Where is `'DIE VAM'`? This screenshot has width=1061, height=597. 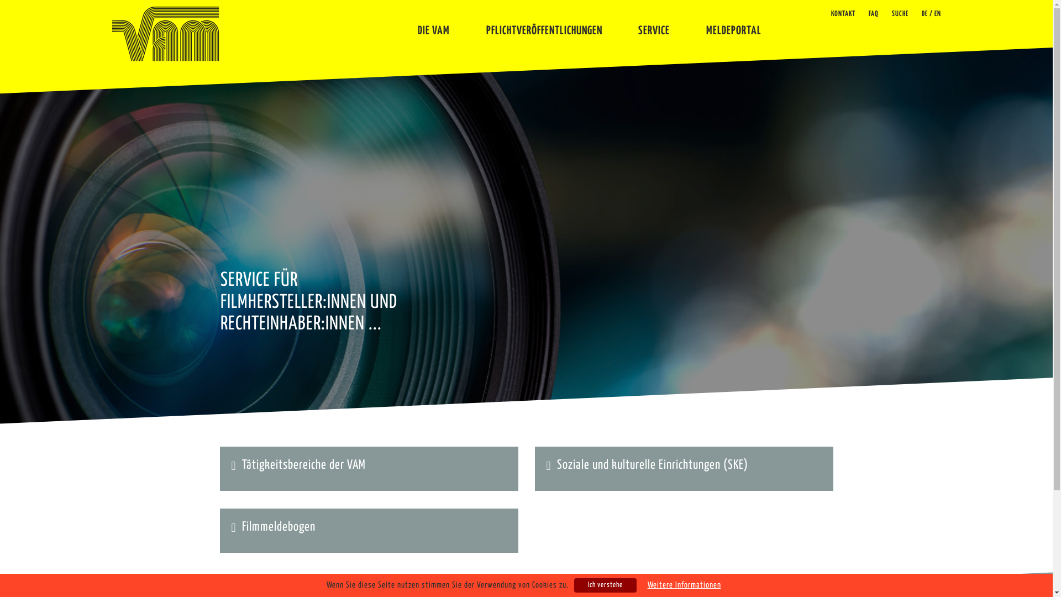
'DIE VAM' is located at coordinates (433, 26).